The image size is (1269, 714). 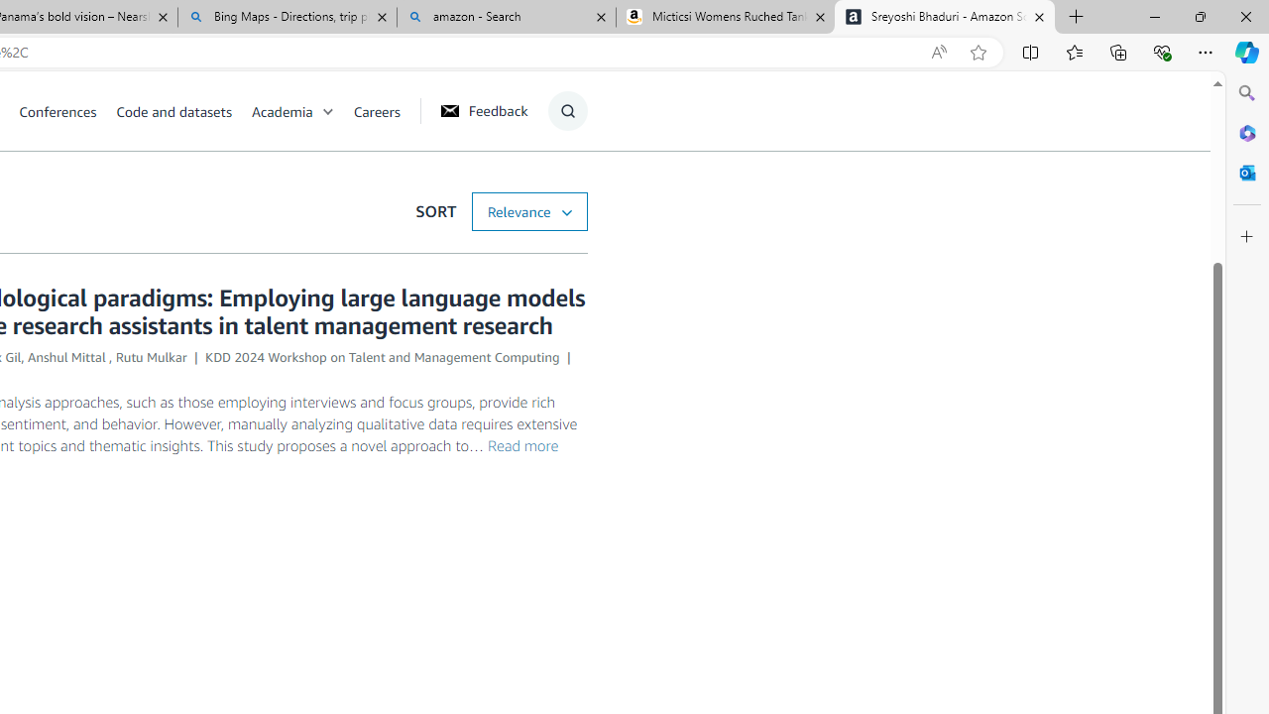 I want to click on 'Code and datasets', so click(x=173, y=110).